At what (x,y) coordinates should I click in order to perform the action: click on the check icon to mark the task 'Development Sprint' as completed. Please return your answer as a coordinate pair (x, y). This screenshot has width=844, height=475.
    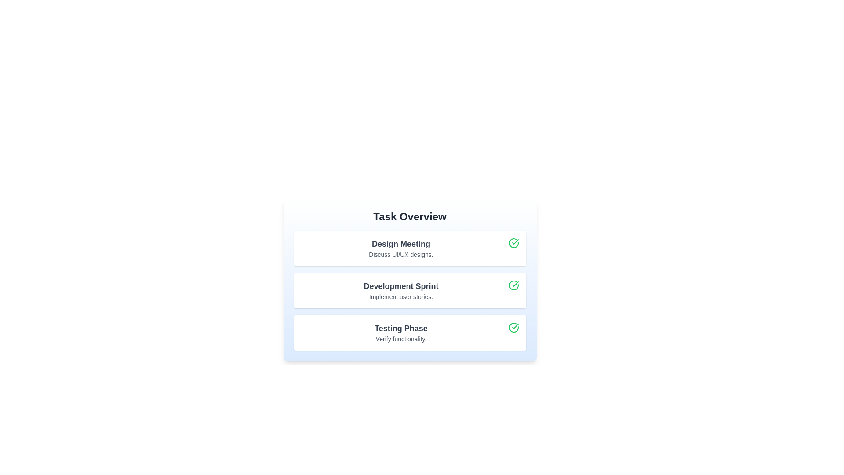
    Looking at the image, I should click on (513, 285).